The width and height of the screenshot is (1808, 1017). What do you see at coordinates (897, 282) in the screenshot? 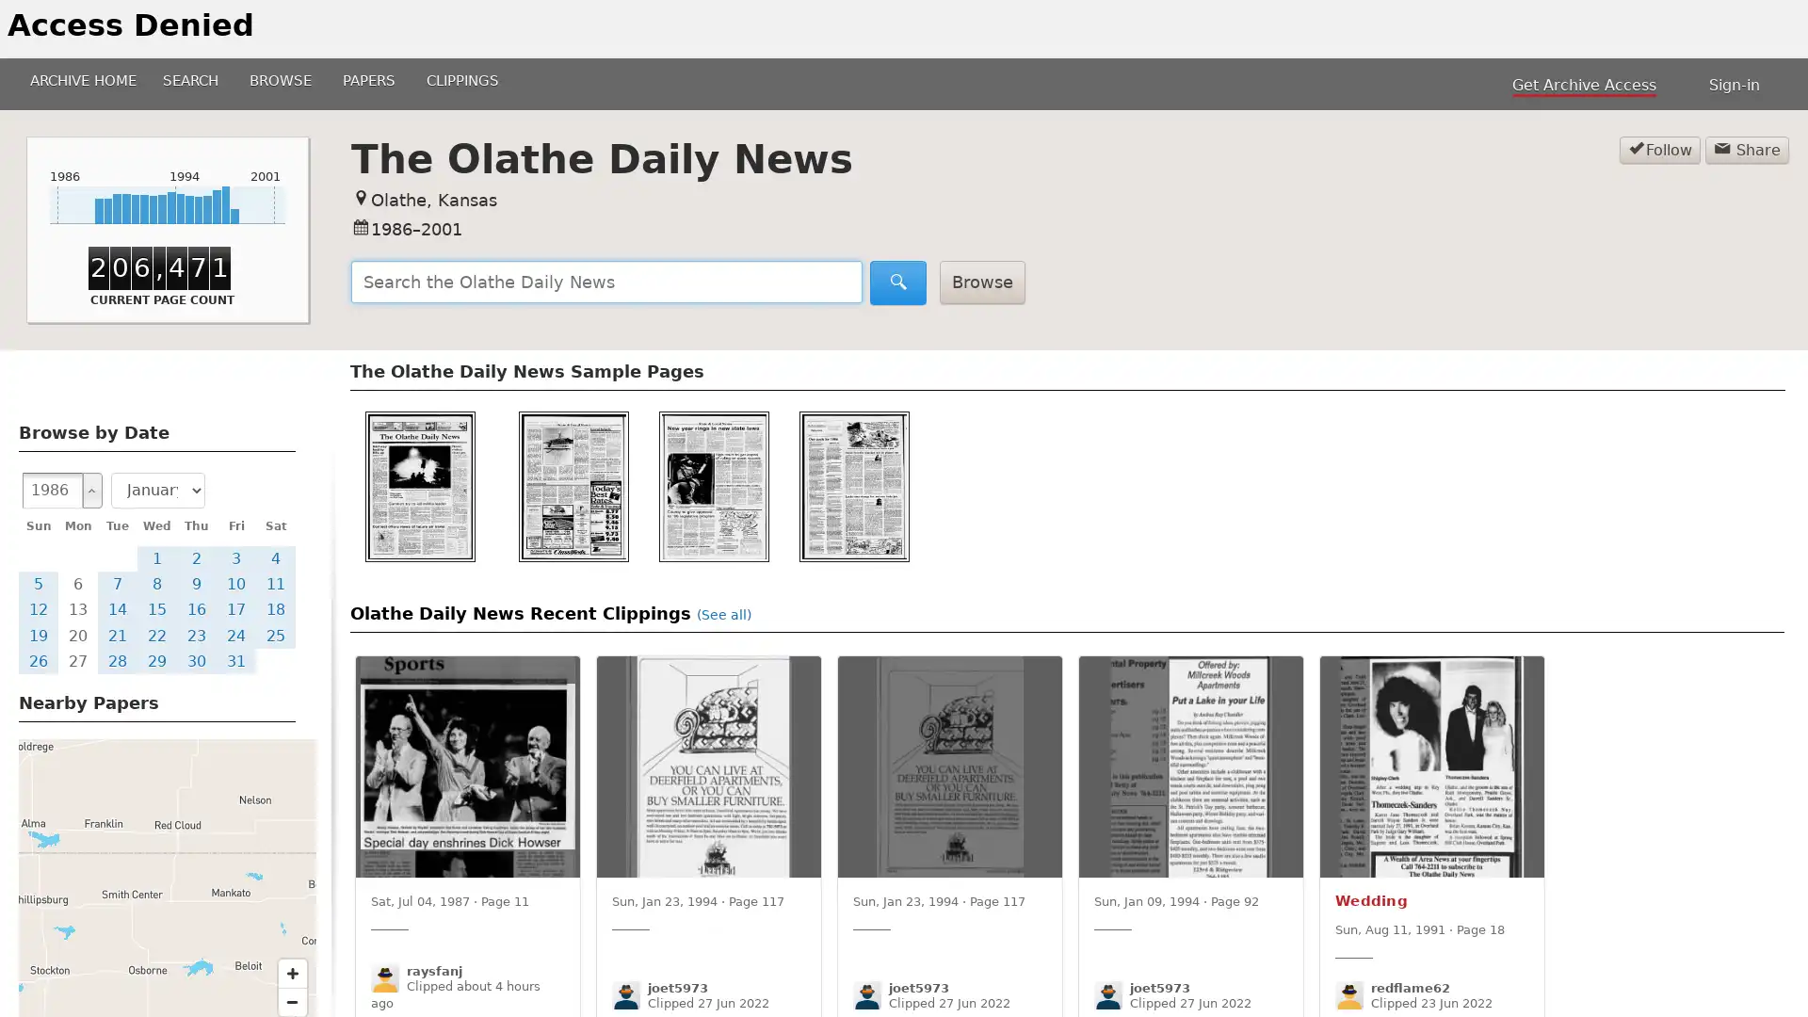
I see `Search` at bounding box center [897, 282].